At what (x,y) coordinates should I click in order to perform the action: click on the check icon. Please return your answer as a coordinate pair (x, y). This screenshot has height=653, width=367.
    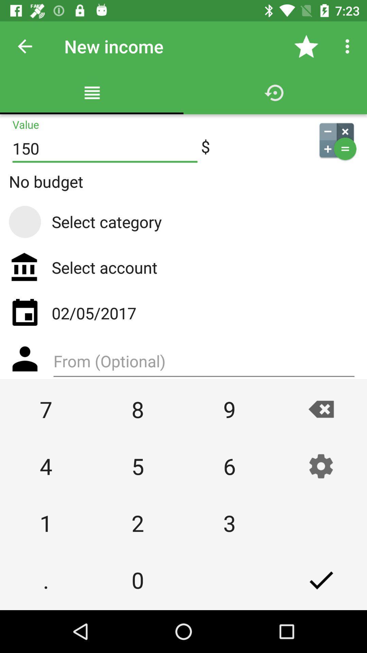
    Looking at the image, I should click on (321, 580).